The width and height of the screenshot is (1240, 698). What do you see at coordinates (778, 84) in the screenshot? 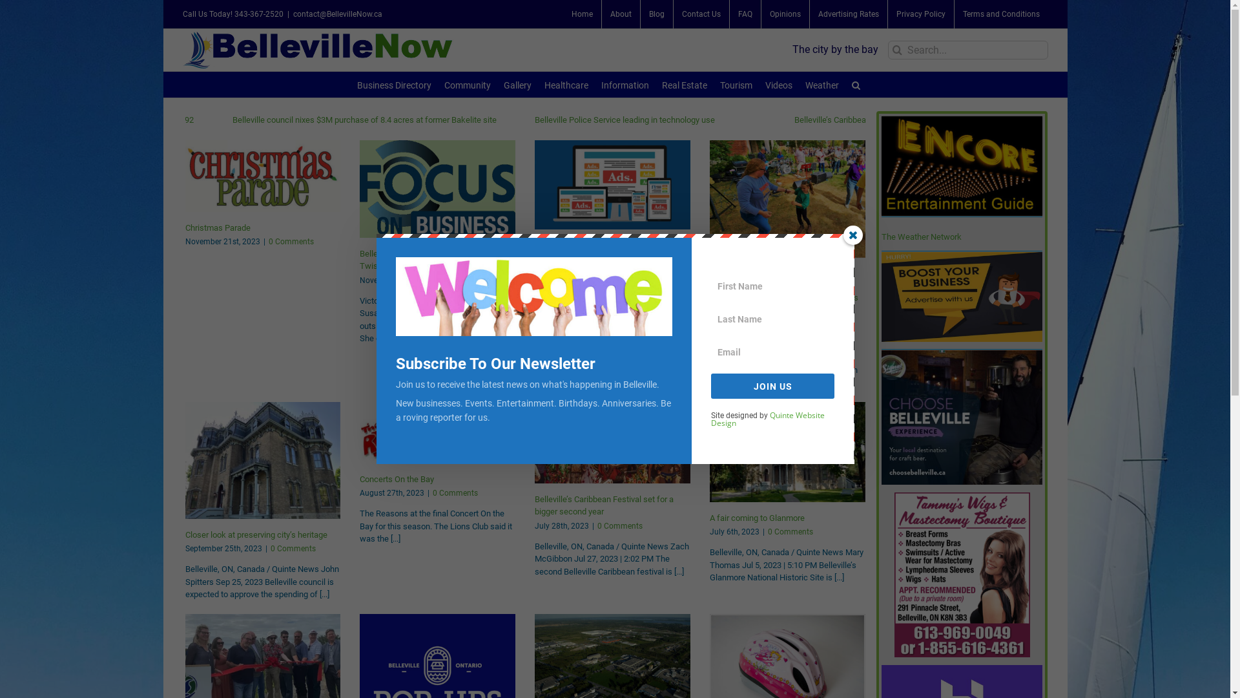
I see `'Videos'` at bounding box center [778, 84].